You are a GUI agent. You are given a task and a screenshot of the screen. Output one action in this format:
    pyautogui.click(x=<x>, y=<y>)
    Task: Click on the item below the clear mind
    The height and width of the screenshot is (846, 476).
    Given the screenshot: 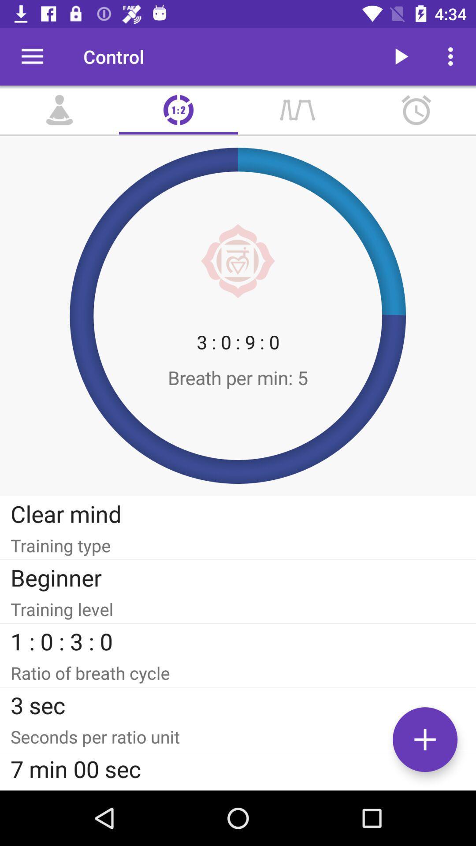 What is the action you would take?
    pyautogui.click(x=238, y=545)
    